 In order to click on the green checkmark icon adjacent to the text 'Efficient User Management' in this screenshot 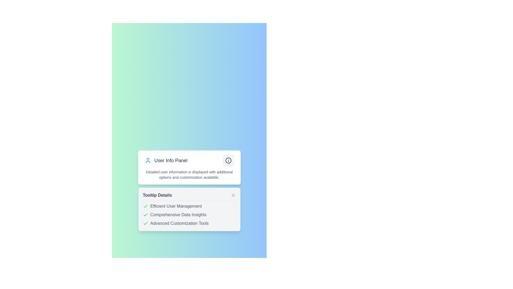, I will do `click(145, 206)`.